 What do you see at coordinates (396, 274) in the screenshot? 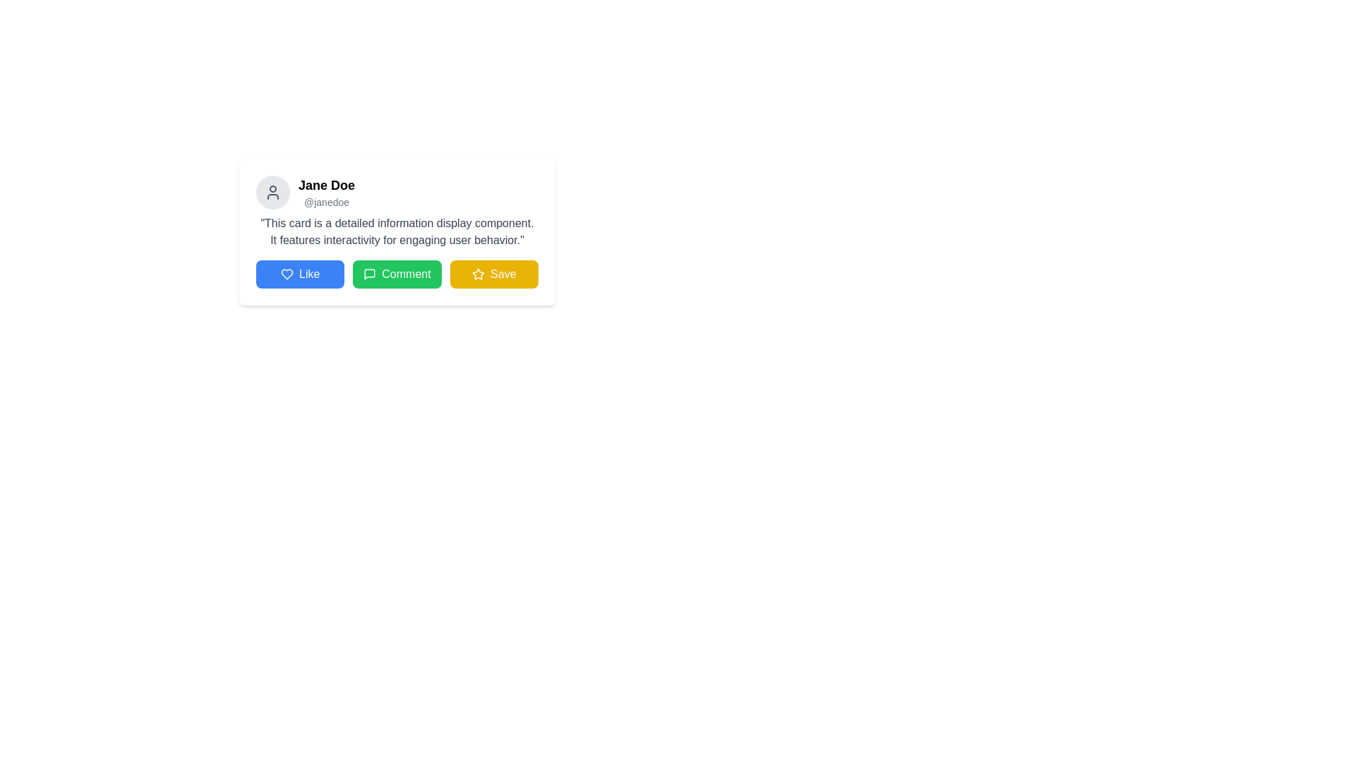
I see `the 'Comment' button in the horizontal group of buttons located in the lower section of the card component` at bounding box center [396, 274].